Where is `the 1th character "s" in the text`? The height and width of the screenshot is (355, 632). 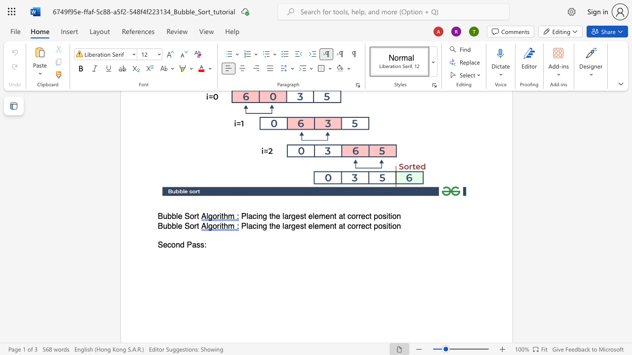
the 1th character "s" in the text is located at coordinates (197, 245).